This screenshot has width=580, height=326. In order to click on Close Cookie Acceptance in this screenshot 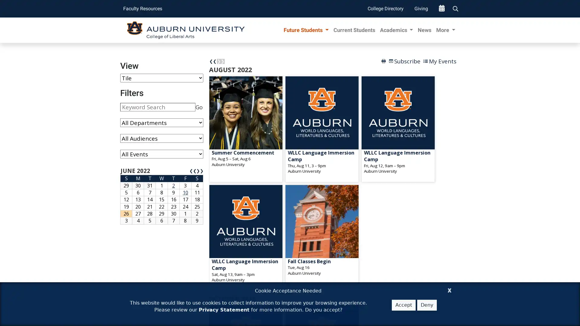, I will do `click(449, 289)`.